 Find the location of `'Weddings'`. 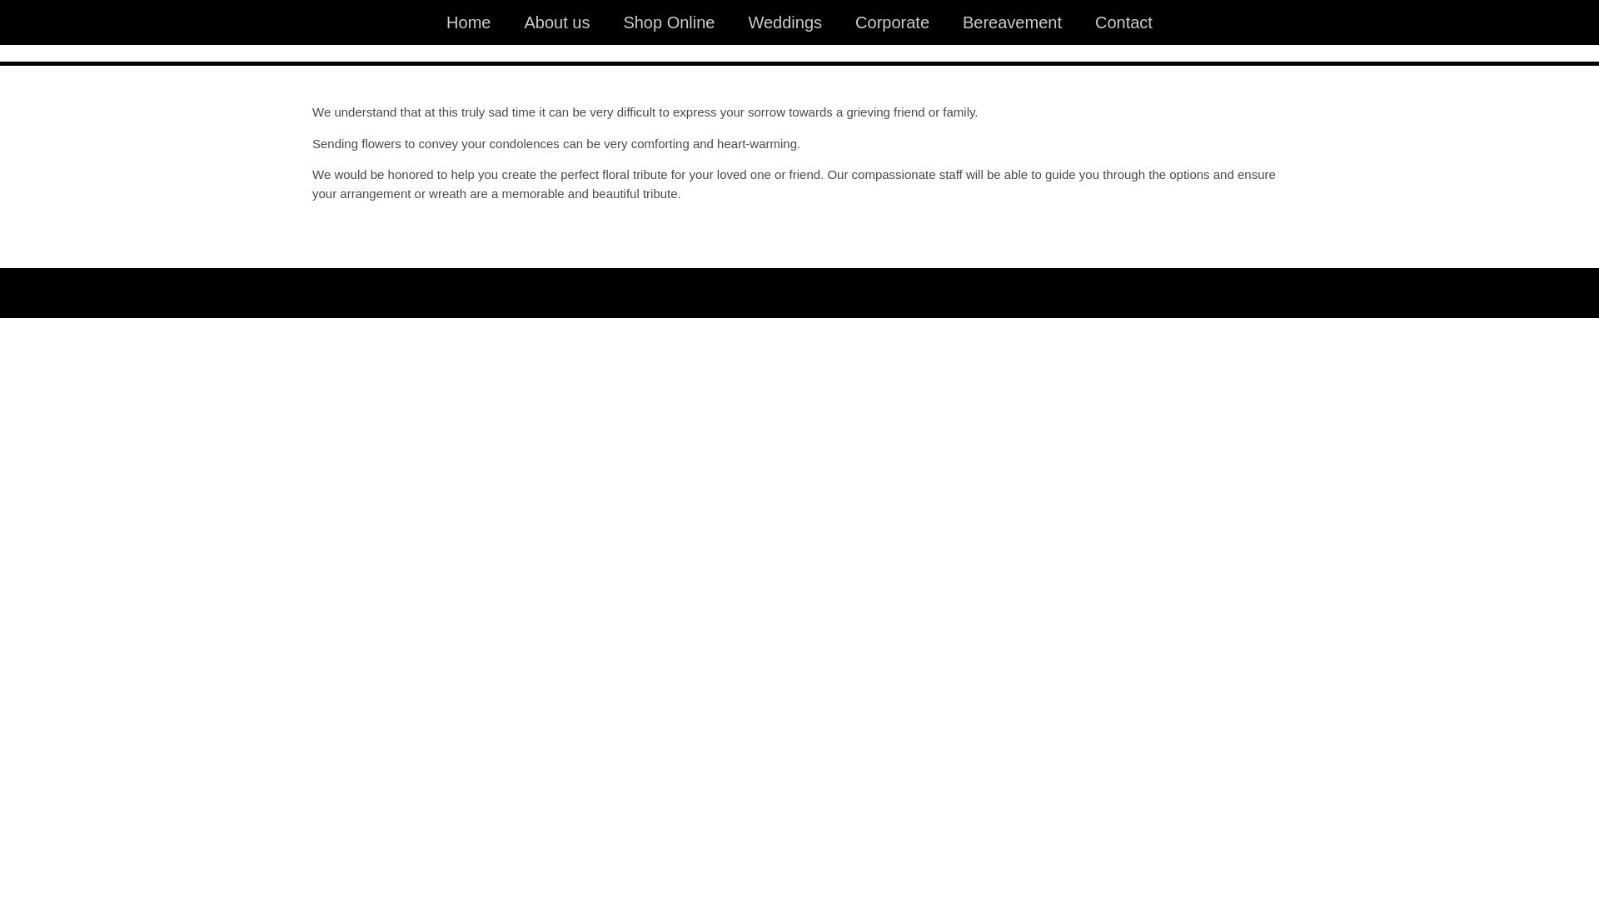

'Weddings' is located at coordinates (784, 22).